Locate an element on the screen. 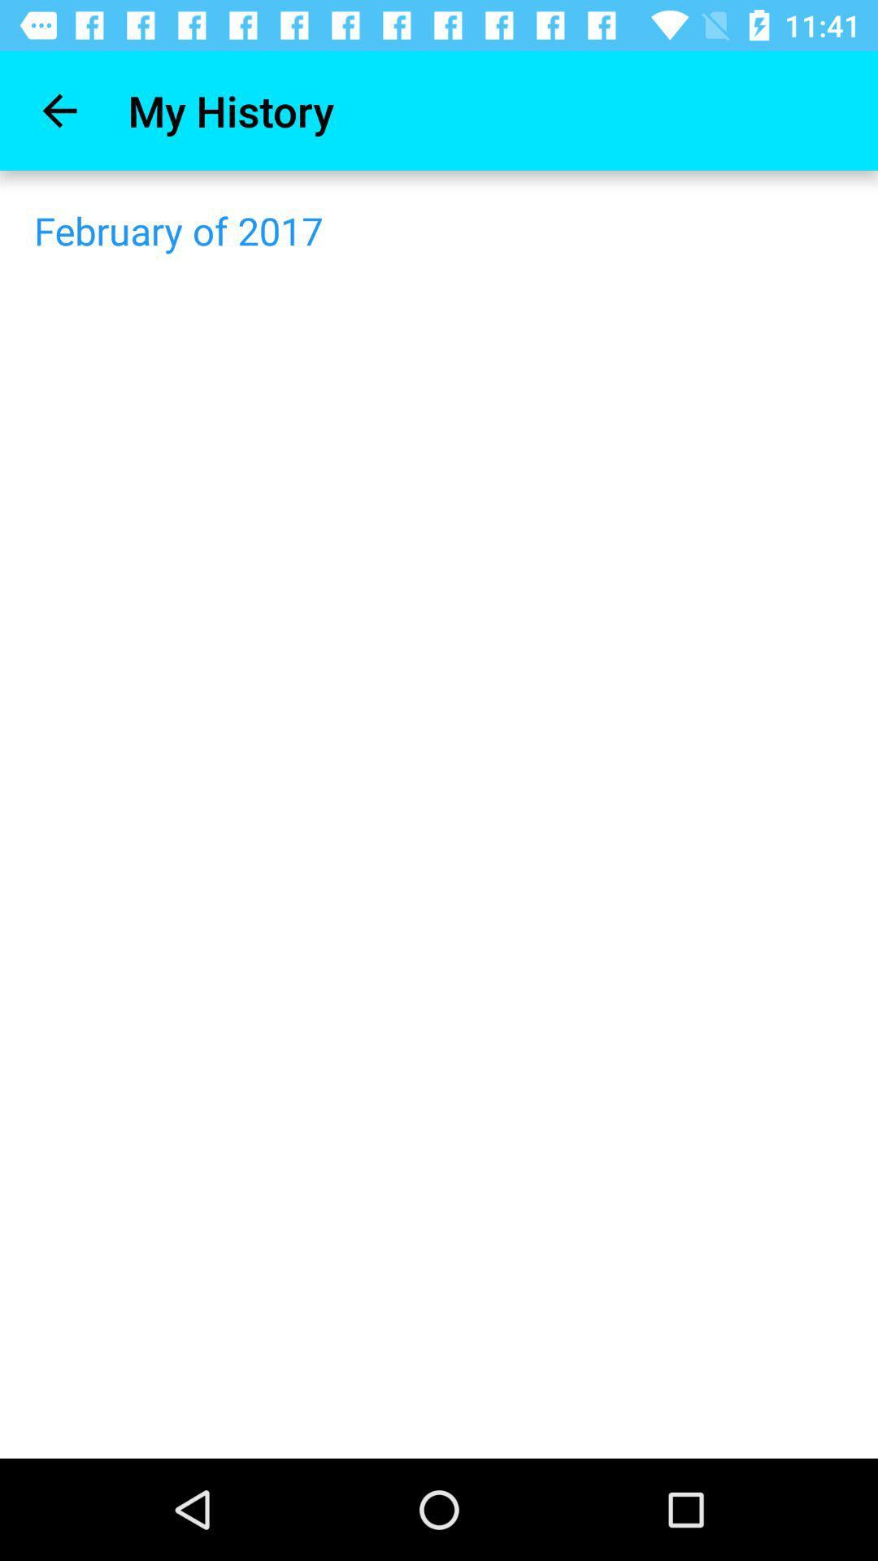 The image size is (878, 1561). february of 2017 item is located at coordinates (178, 229).